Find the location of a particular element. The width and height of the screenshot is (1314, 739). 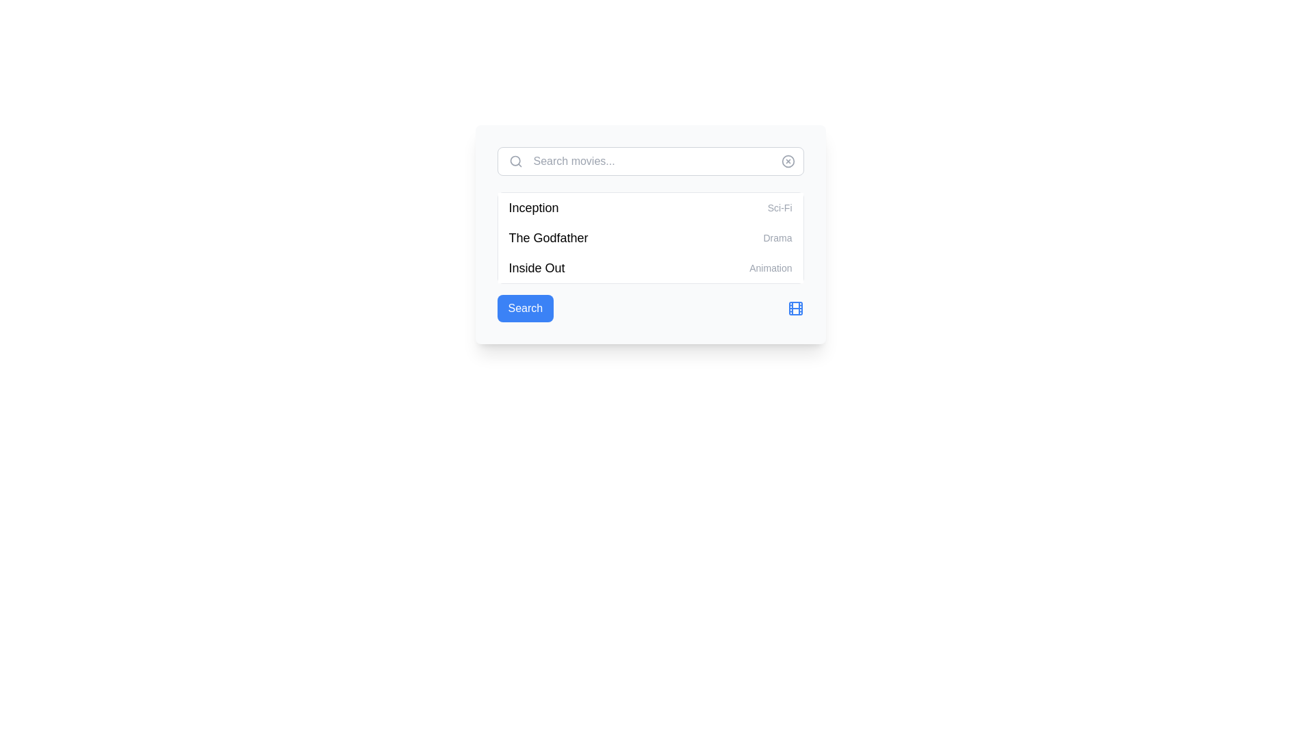

to select the first movie item row in the list, positioned above 'The Godfather' and 'Inside Out' is located at coordinates (649, 208).